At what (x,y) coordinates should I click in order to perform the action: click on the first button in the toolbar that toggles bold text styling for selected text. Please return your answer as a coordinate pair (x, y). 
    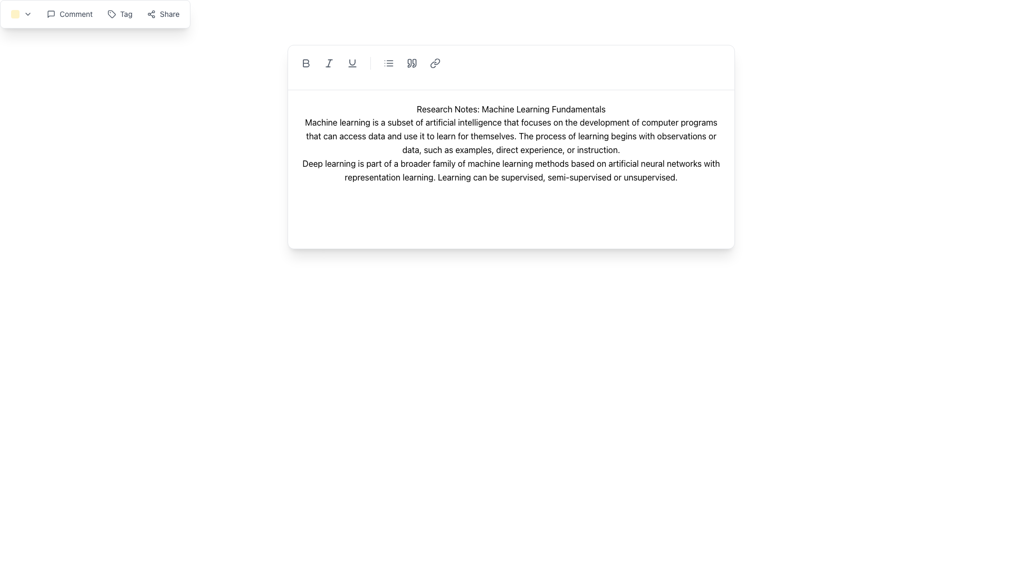
    Looking at the image, I should click on (305, 63).